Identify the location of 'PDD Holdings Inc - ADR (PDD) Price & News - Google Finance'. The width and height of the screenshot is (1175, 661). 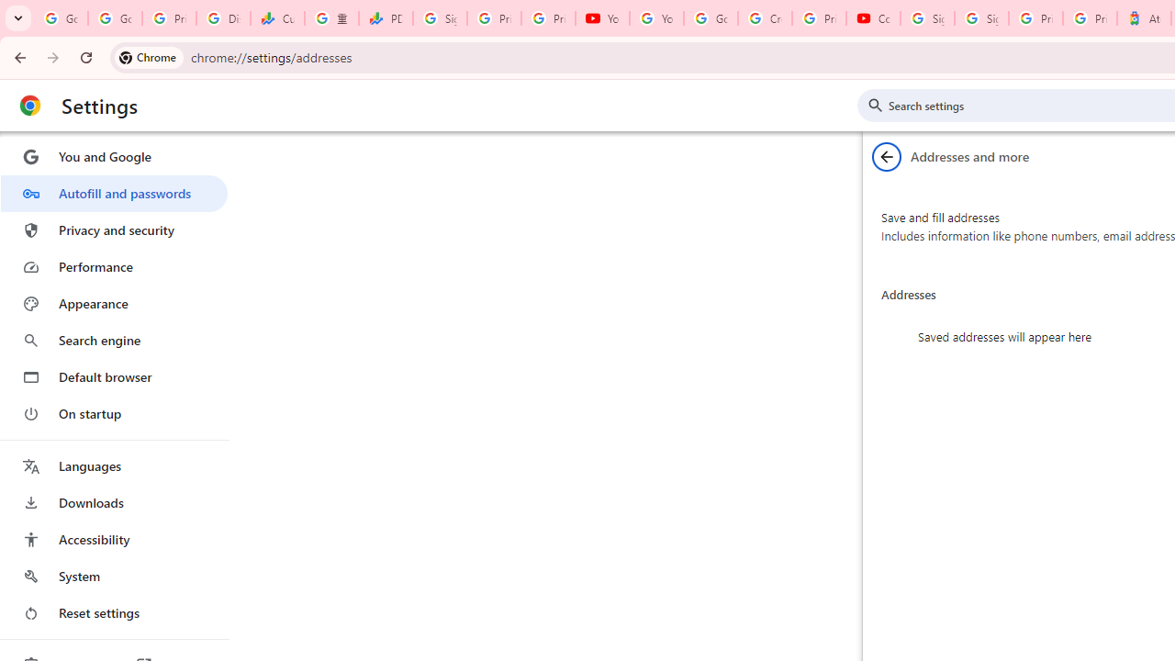
(385, 18).